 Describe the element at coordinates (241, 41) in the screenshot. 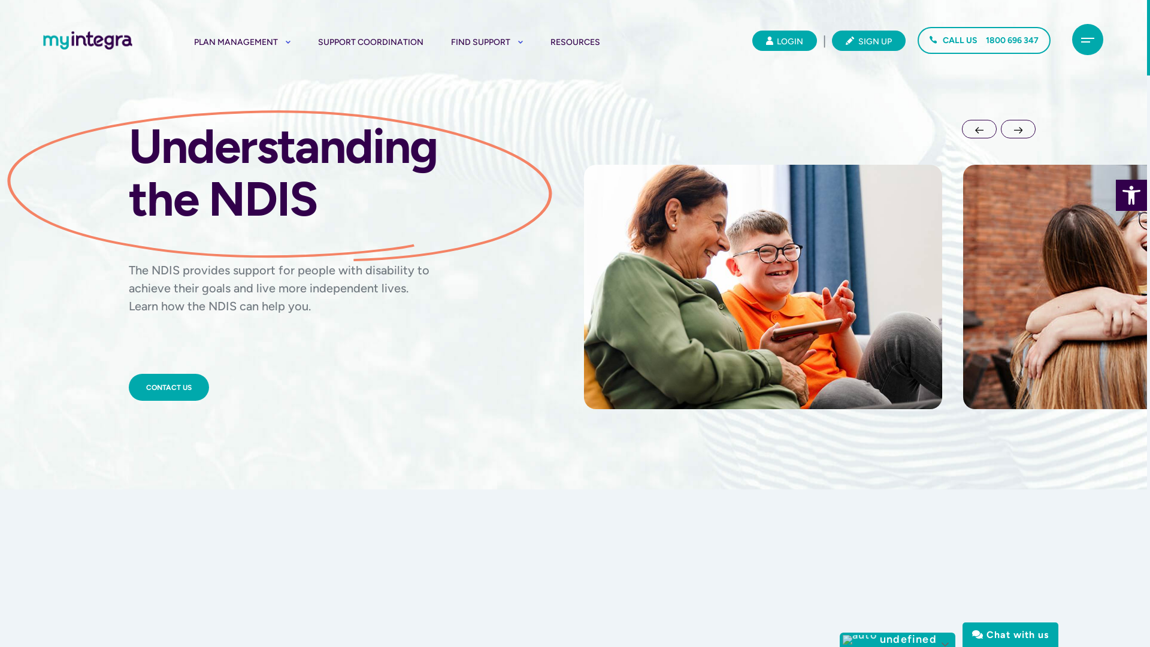

I see `'PLAN MANAGEMENT'` at that location.